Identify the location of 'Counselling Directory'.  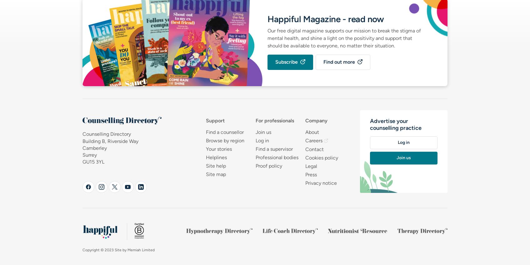
(107, 134).